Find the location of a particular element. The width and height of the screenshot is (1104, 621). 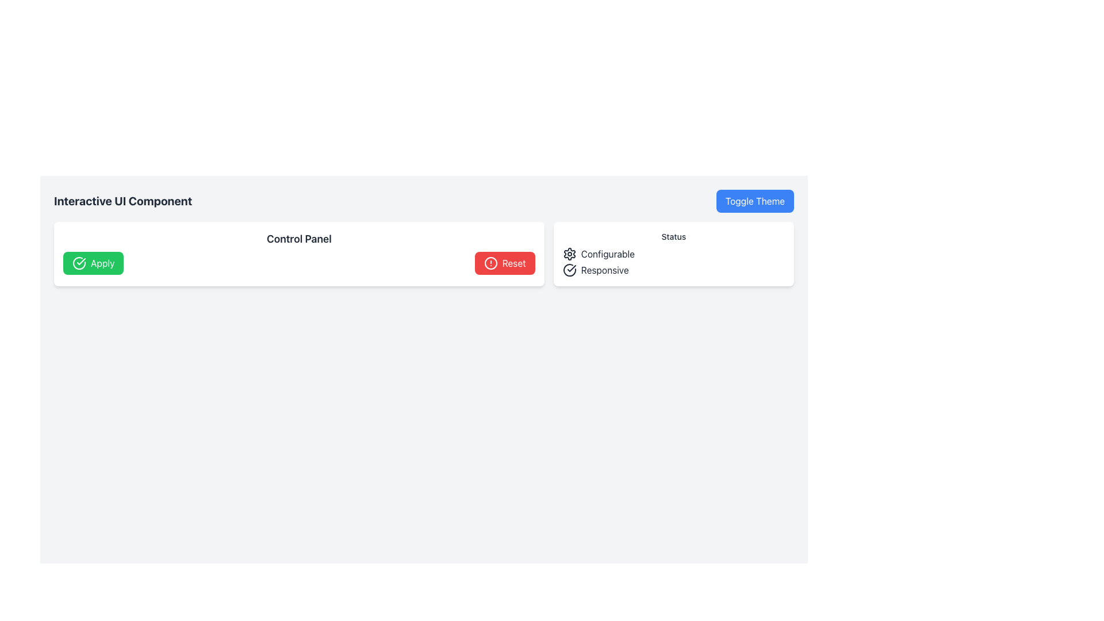

the 'Toggle Theme' button, which is a rounded rectangular button with a blue background and white text located on the right side of the top section of the interface, adjacent to the 'Status' panel is located at coordinates (755, 201).